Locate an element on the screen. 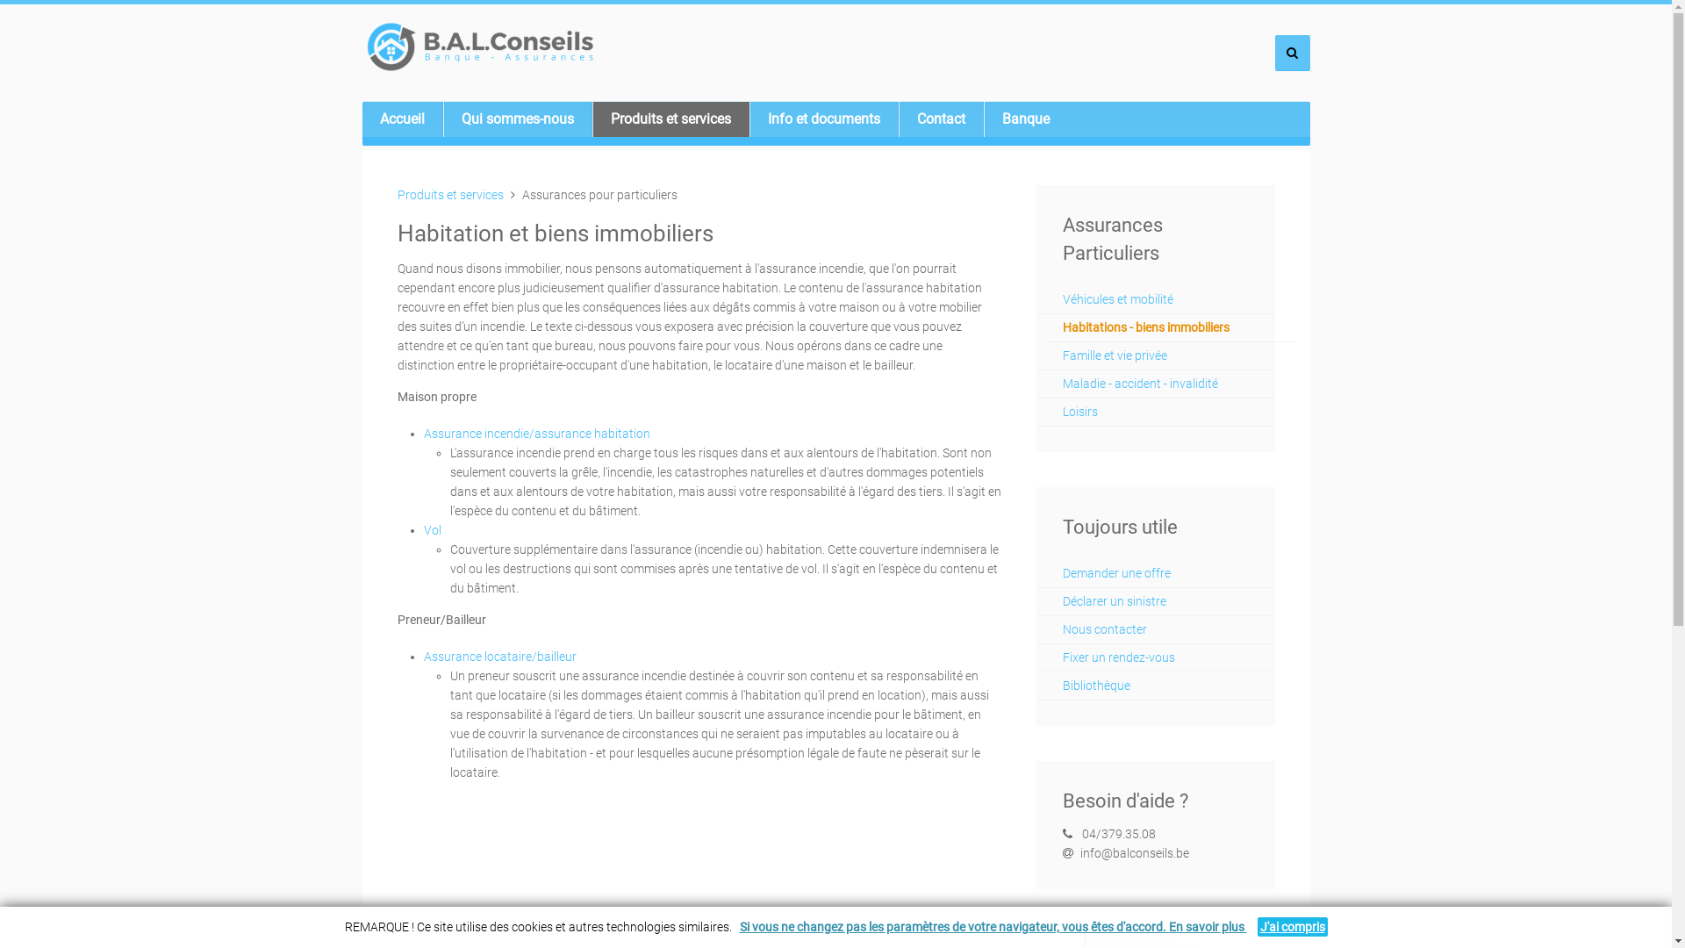  'info@balconseils.be' is located at coordinates (1133, 852).